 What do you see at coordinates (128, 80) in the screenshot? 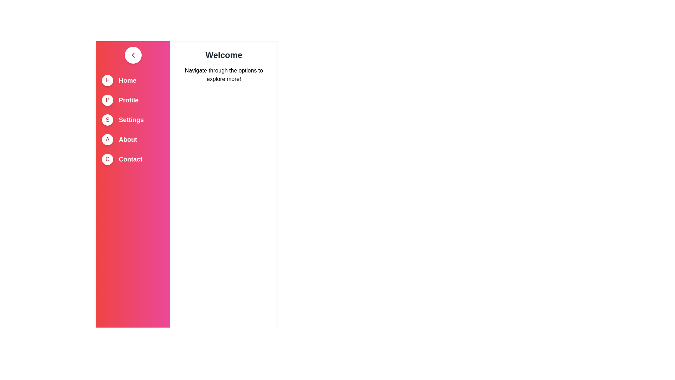
I see `the menu item Home` at bounding box center [128, 80].